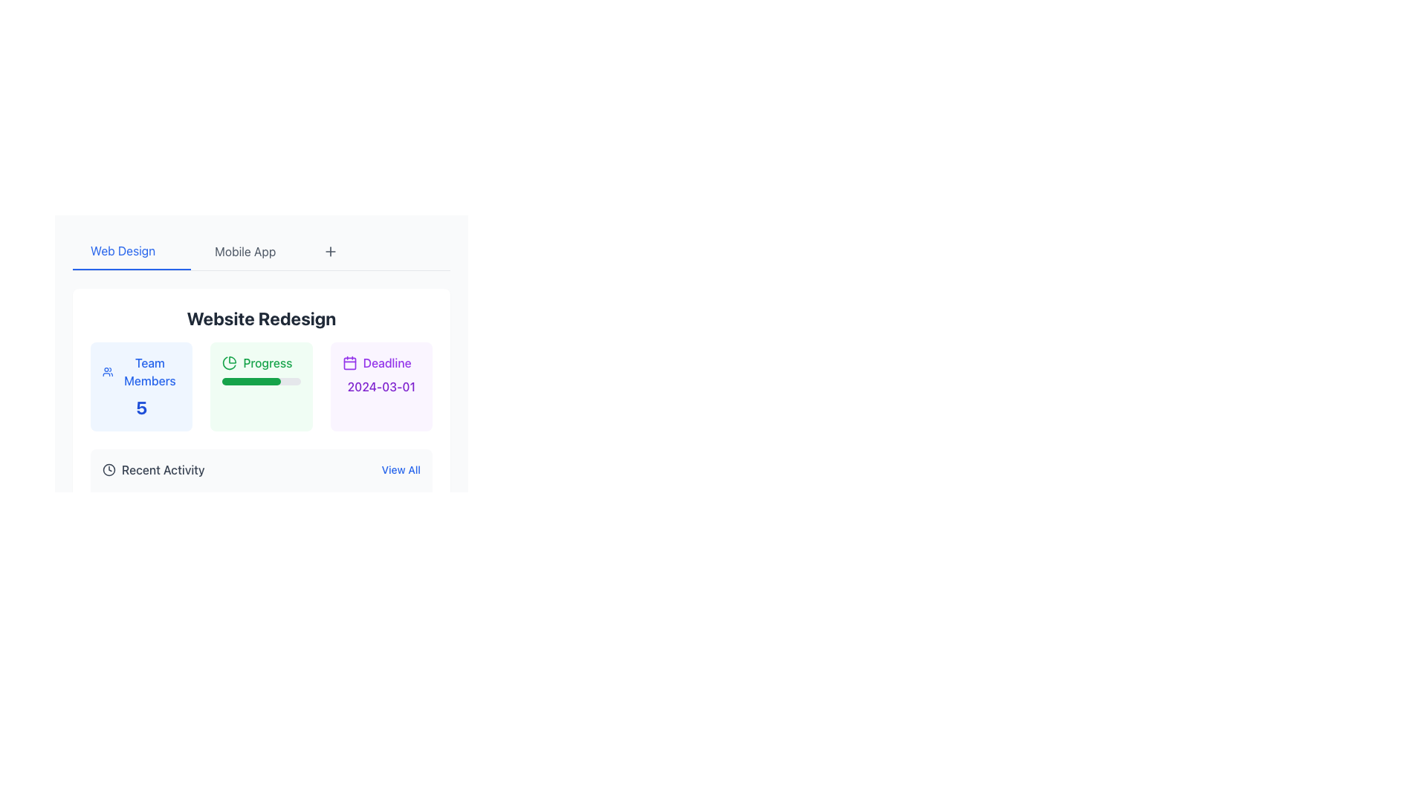 The height and width of the screenshot is (802, 1427). I want to click on the progress icon located at the leftmost side of the 'Progress' section in the 'Website Redesign' card for visual information, so click(229, 363).